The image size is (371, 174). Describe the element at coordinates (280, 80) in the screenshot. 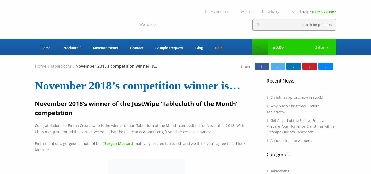

I see `'Recent News'` at that location.